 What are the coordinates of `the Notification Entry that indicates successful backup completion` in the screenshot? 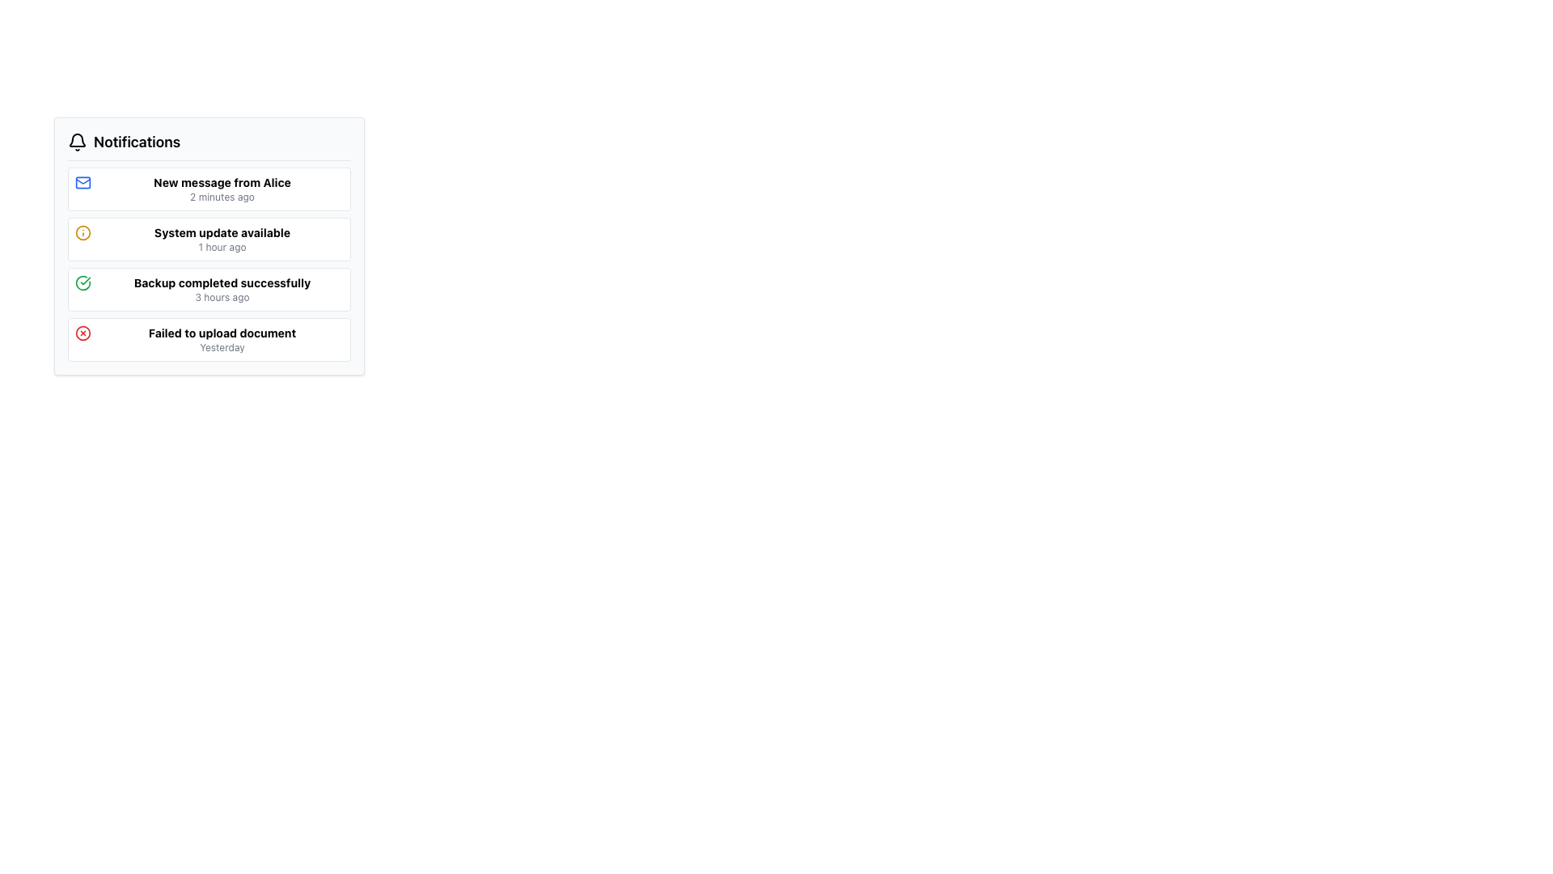 It's located at (209, 289).